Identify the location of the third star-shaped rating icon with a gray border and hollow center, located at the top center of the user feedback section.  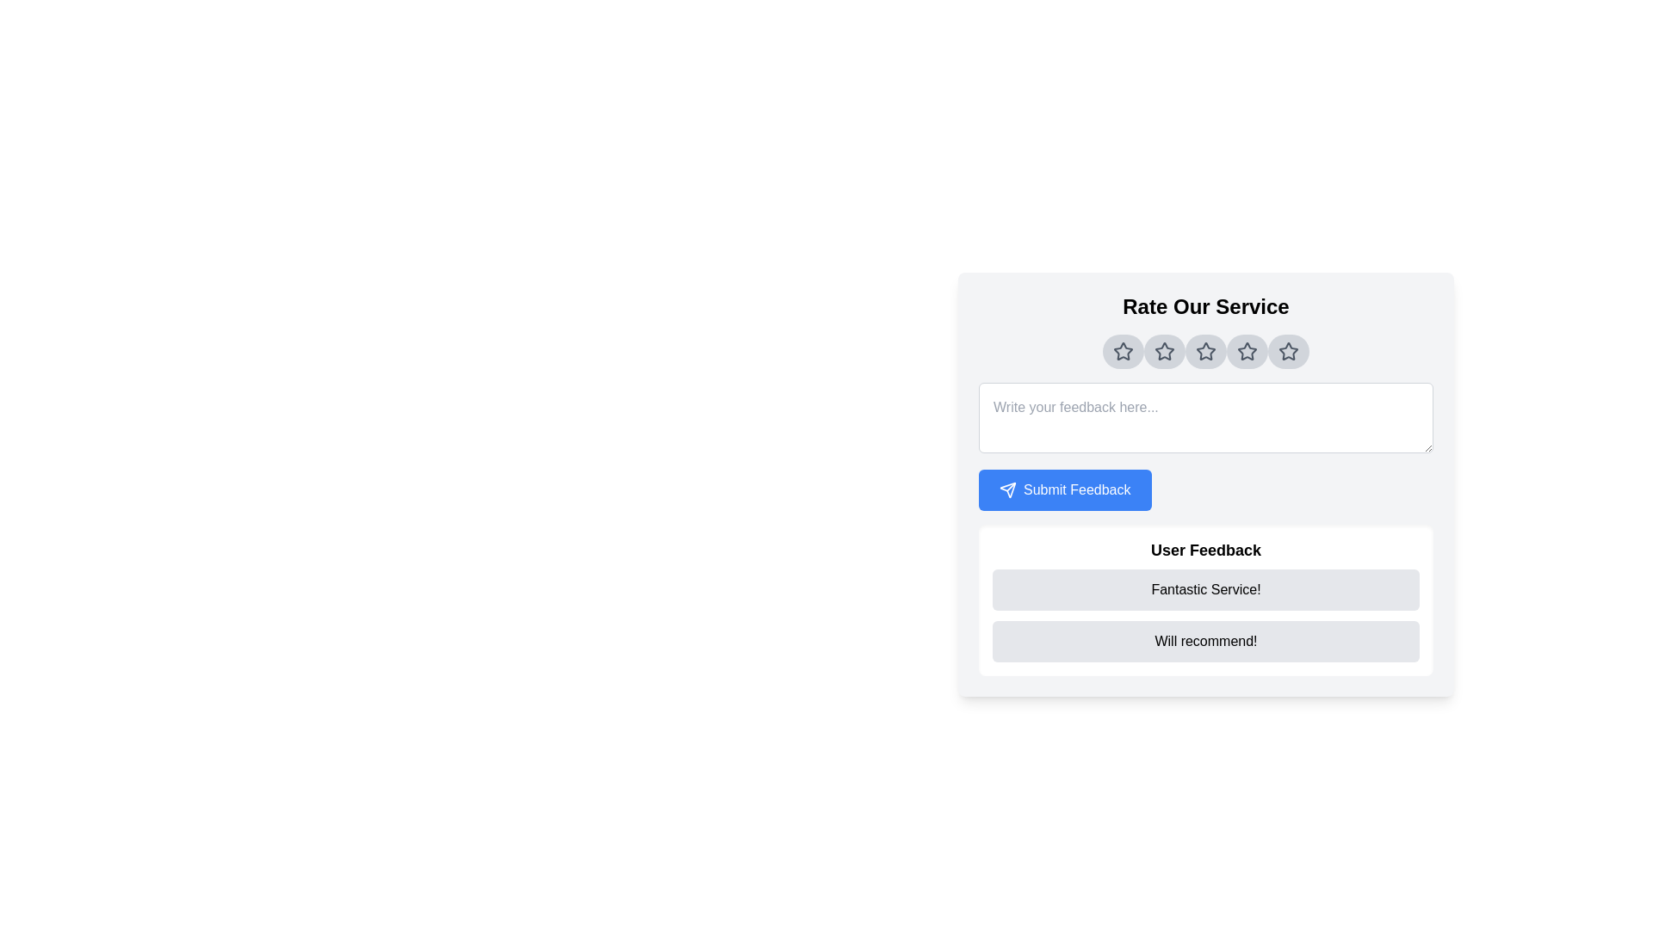
(1165, 350).